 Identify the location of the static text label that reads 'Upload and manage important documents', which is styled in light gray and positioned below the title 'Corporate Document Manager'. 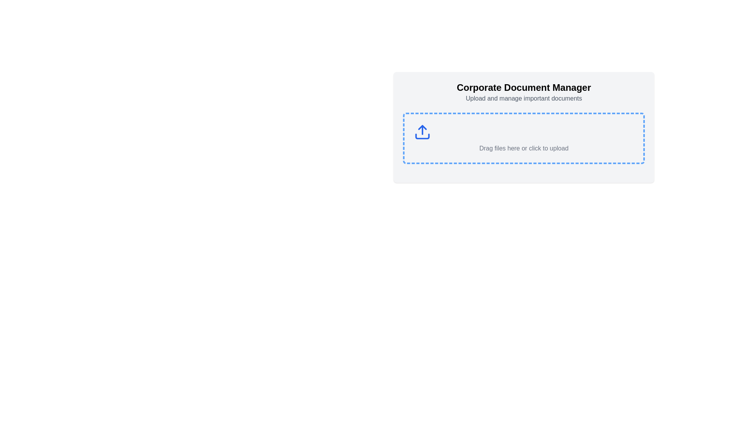
(524, 98).